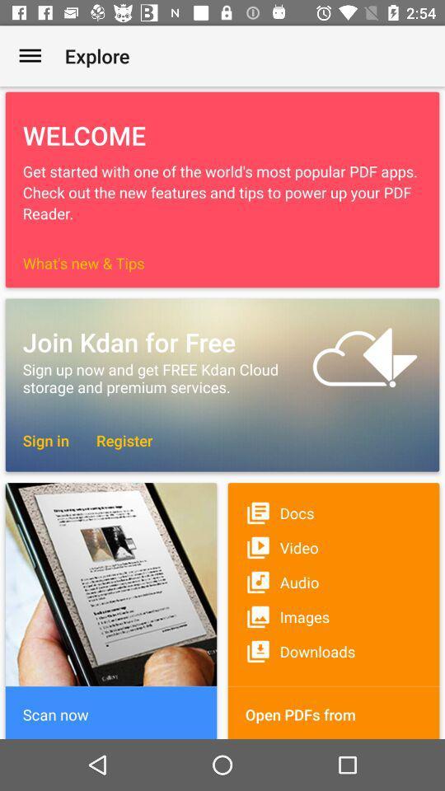  What do you see at coordinates (115, 439) in the screenshot?
I see `the register` at bounding box center [115, 439].